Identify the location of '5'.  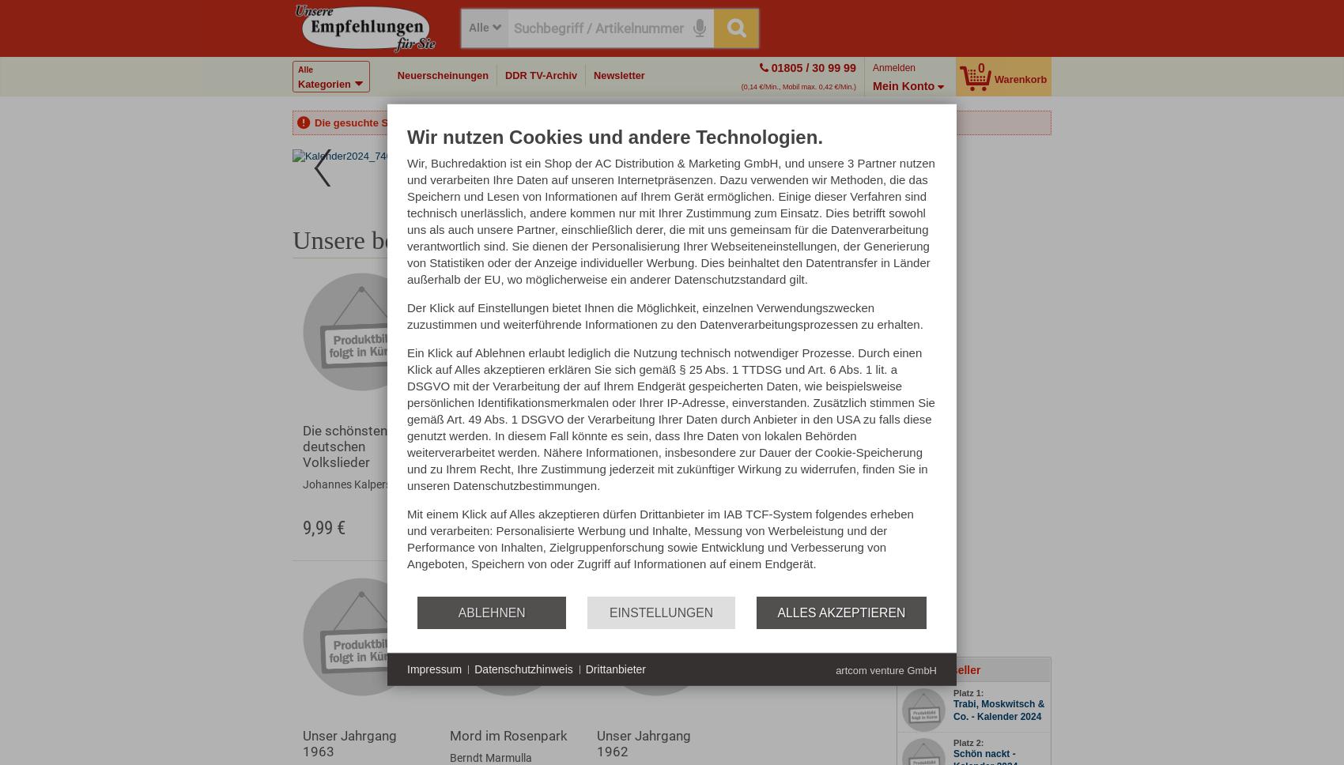
(587, 169).